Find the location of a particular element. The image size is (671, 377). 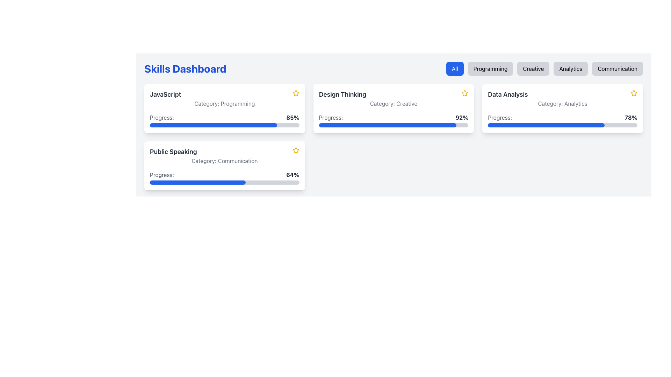

the 'JavaScript' skill label in the Skills Dashboard, which indicates the purpose of the progress bar below it is located at coordinates (161, 117).